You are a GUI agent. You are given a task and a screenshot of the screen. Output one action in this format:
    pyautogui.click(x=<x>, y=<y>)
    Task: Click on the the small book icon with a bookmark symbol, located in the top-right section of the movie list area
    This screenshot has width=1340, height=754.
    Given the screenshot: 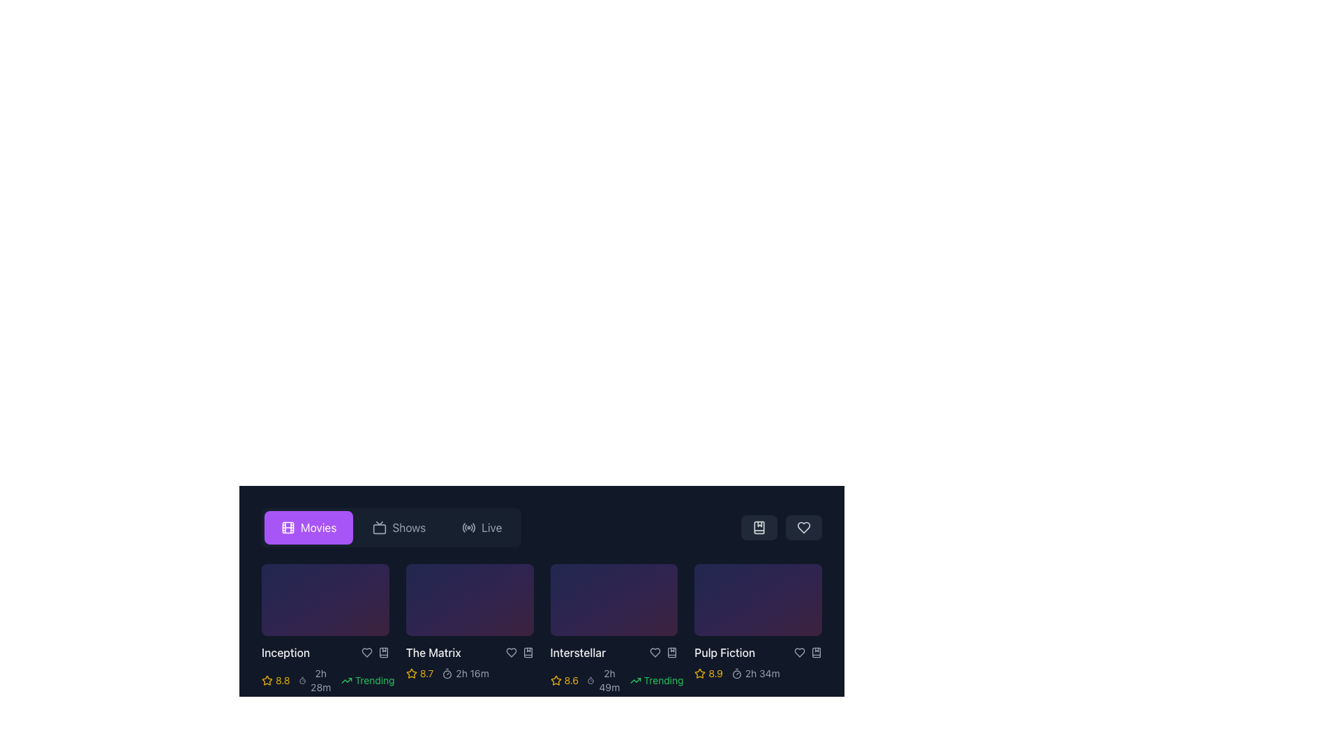 What is the action you would take?
    pyautogui.click(x=759, y=528)
    